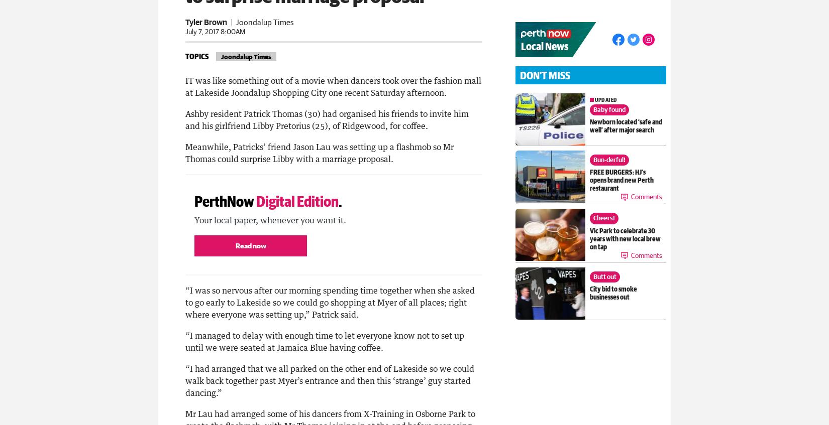 This screenshot has width=829, height=425. I want to click on 'Baby found', so click(608, 109).